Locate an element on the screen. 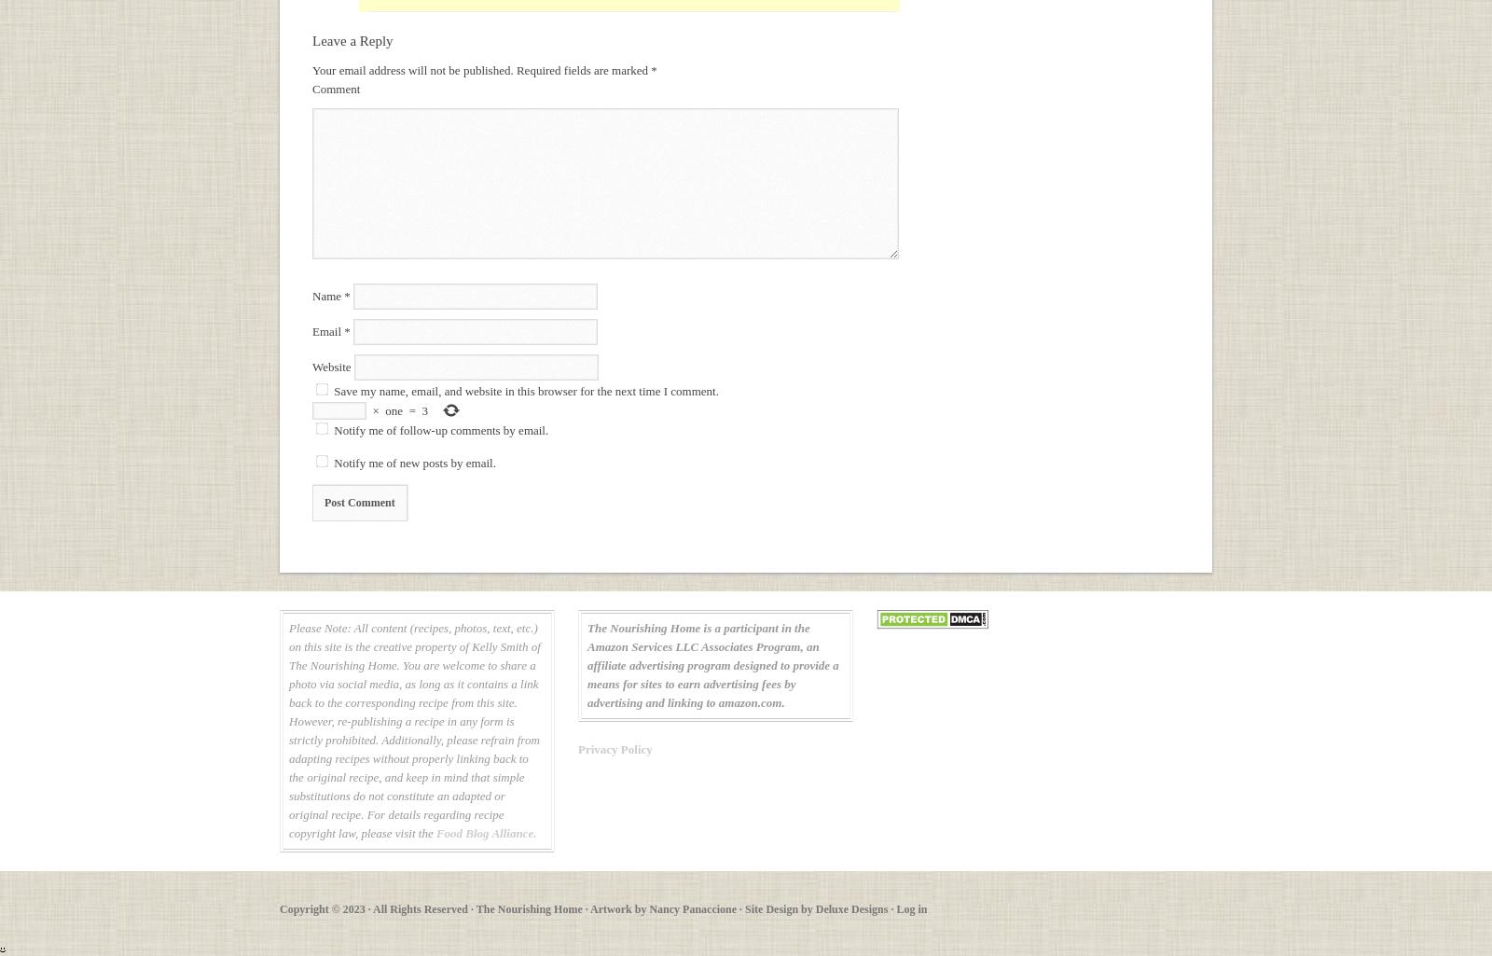 The height and width of the screenshot is (956, 1492). 'Email' is located at coordinates (312, 330).